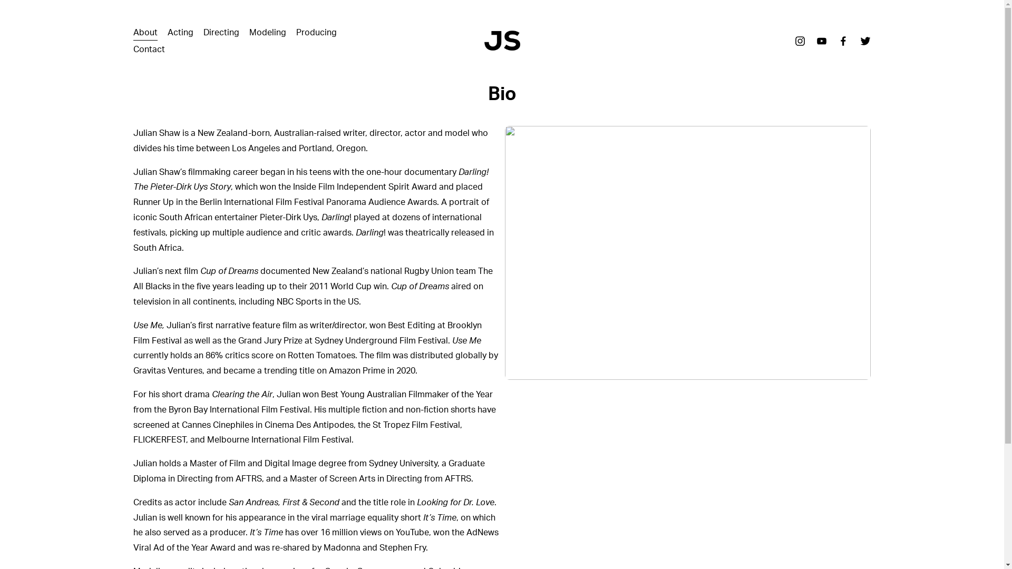 The height and width of the screenshot is (569, 1012). What do you see at coordinates (268, 32) in the screenshot?
I see `'Modeling'` at bounding box center [268, 32].